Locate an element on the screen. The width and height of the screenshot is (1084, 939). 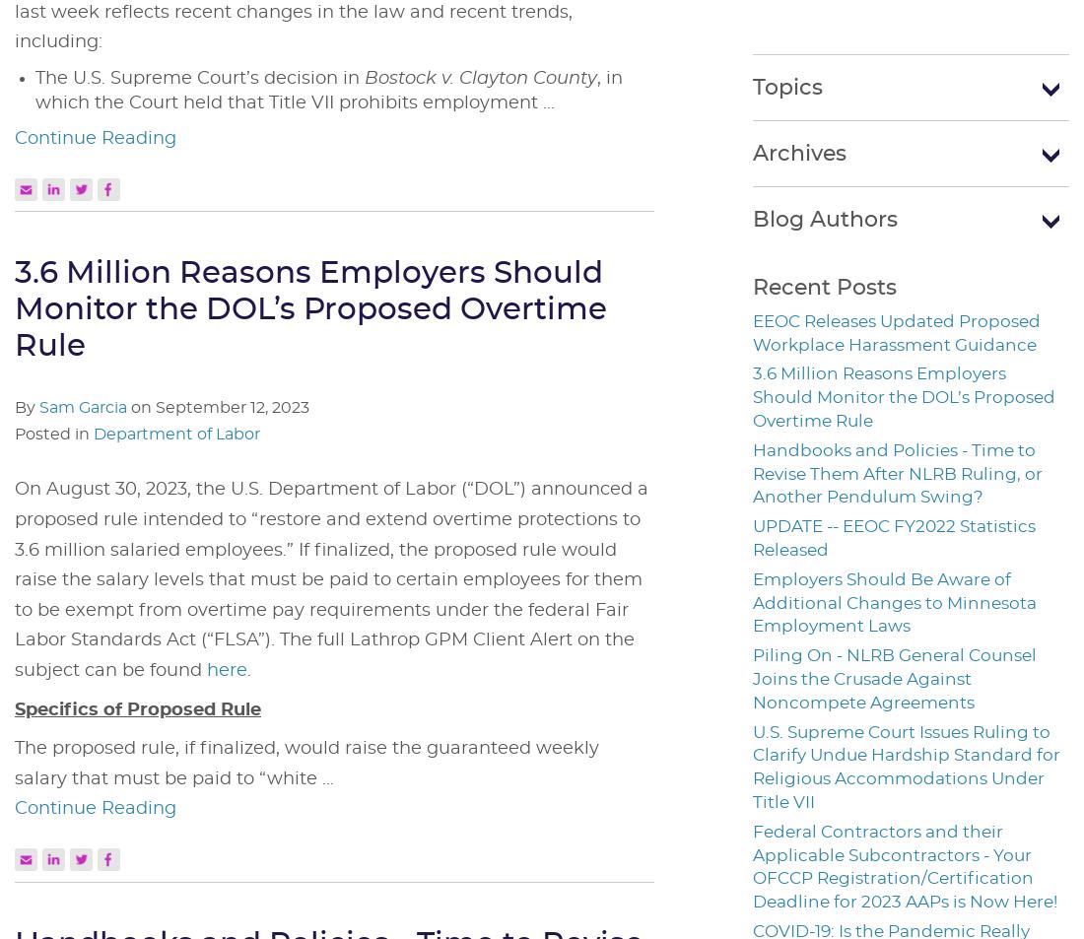
'.' is located at coordinates (249, 671).